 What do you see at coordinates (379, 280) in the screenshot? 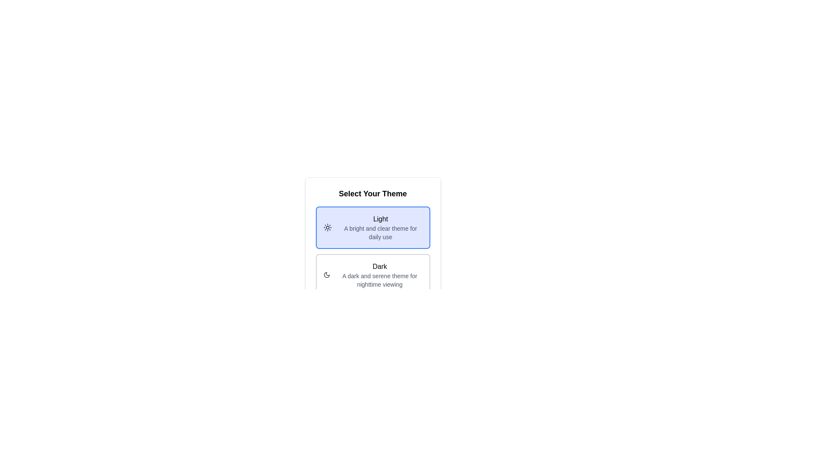
I see `the text element that describes 'A dark and serene theme for nighttime viewing', which is positioned below the 'Dark' theme option in the theme selection area` at bounding box center [379, 280].